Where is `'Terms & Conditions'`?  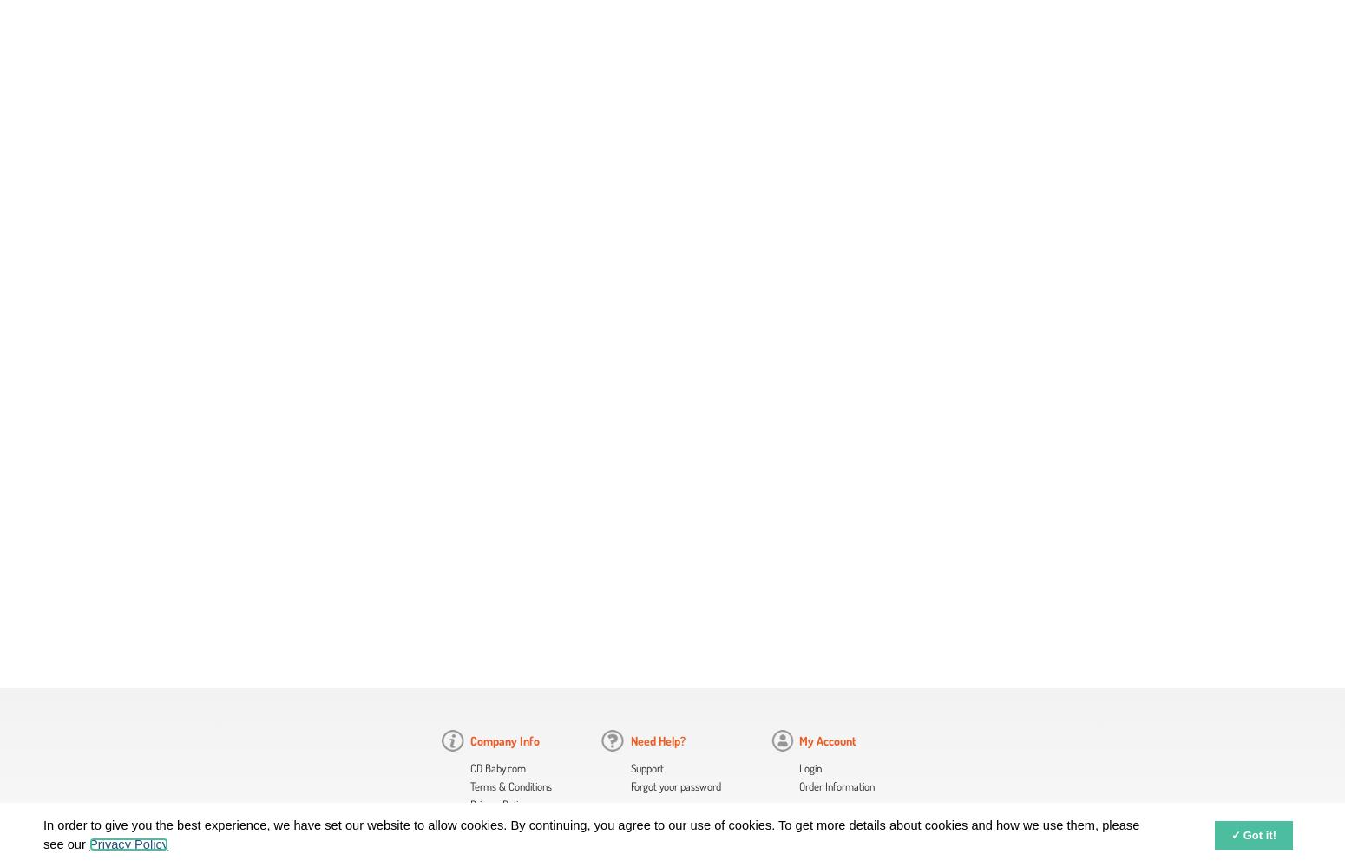
'Terms & Conditions' is located at coordinates (511, 786).